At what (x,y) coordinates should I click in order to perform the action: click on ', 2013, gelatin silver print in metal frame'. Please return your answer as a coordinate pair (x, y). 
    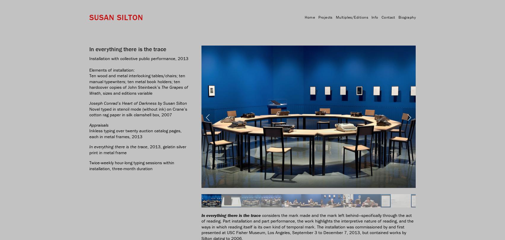
    Looking at the image, I should click on (89, 149).